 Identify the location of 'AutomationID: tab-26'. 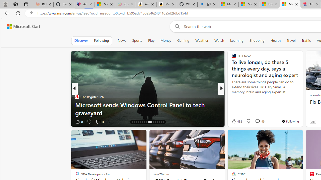
(155, 122).